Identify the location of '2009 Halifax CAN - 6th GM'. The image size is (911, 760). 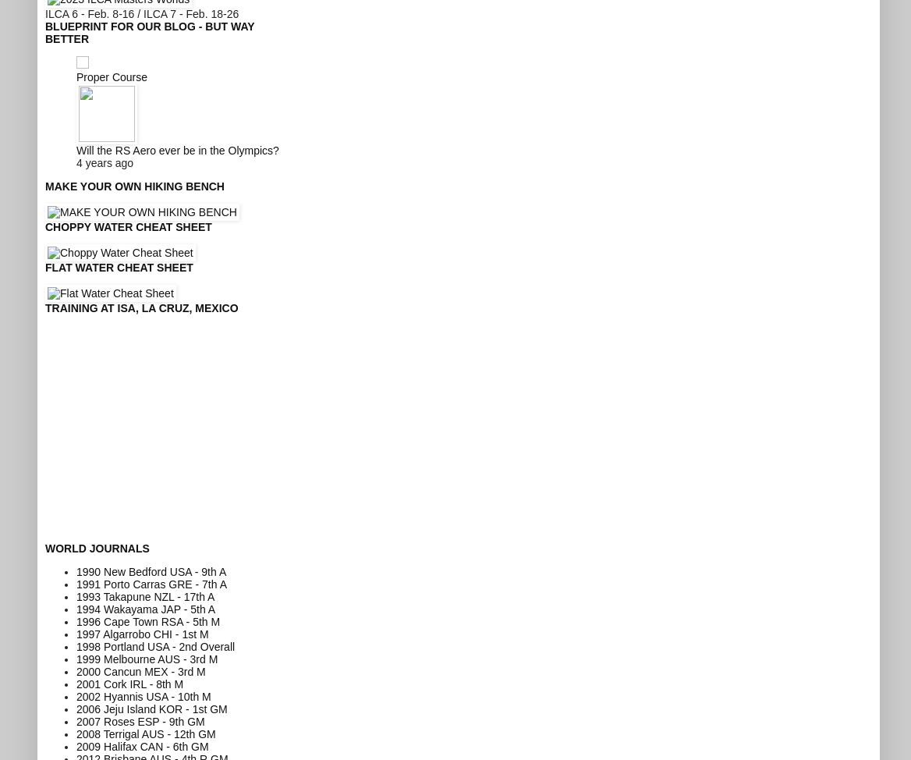
(75, 744).